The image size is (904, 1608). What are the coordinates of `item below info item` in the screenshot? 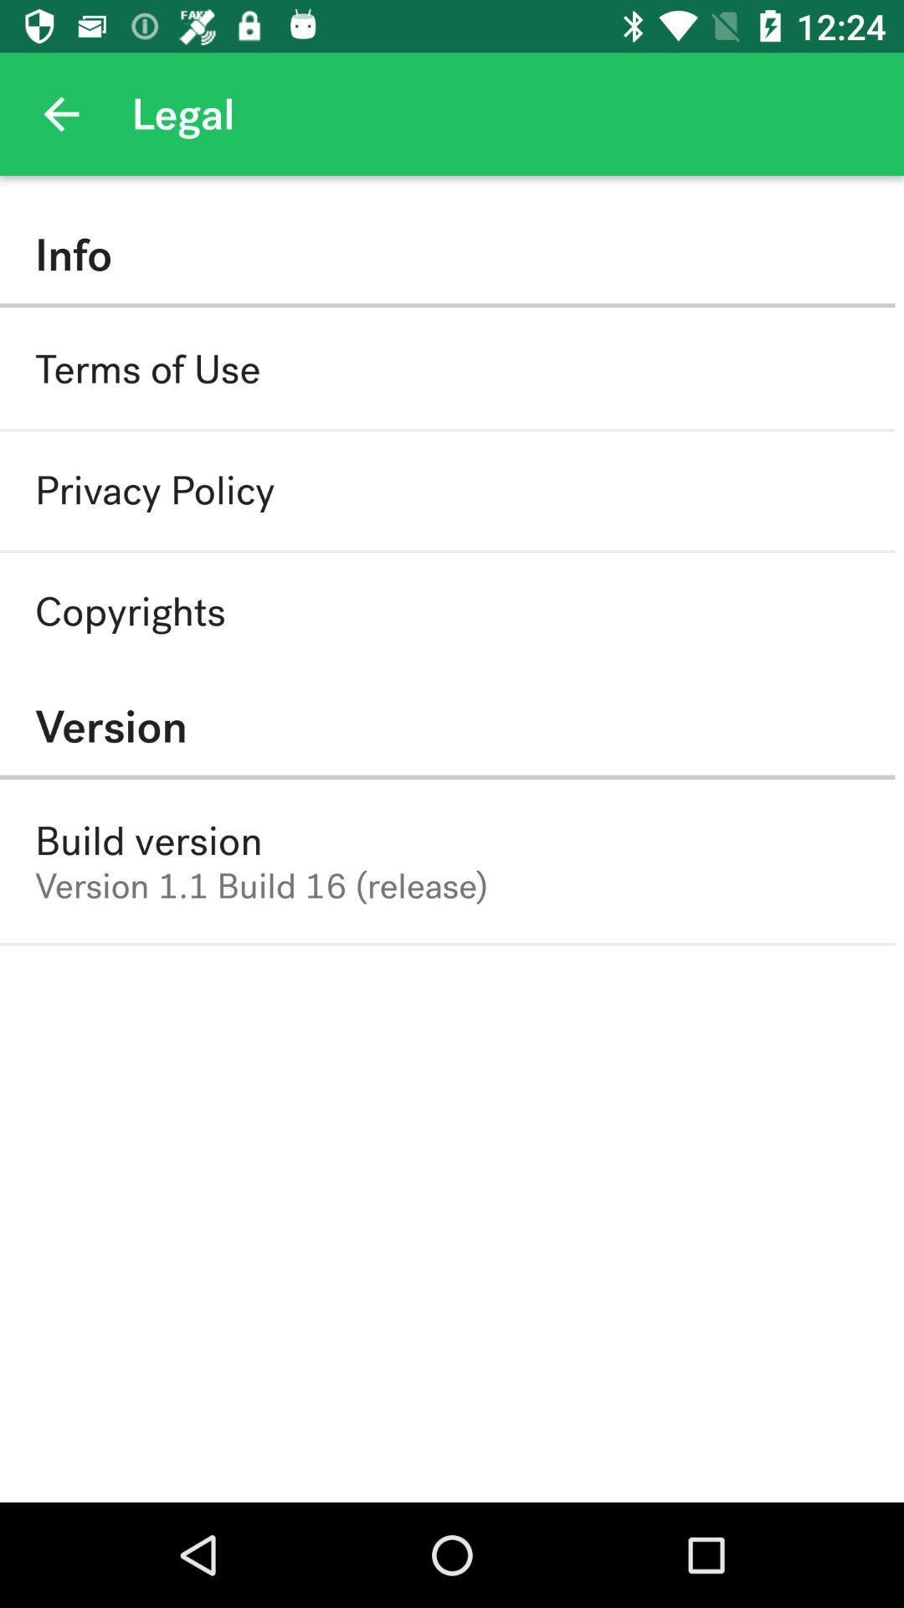 It's located at (146, 368).